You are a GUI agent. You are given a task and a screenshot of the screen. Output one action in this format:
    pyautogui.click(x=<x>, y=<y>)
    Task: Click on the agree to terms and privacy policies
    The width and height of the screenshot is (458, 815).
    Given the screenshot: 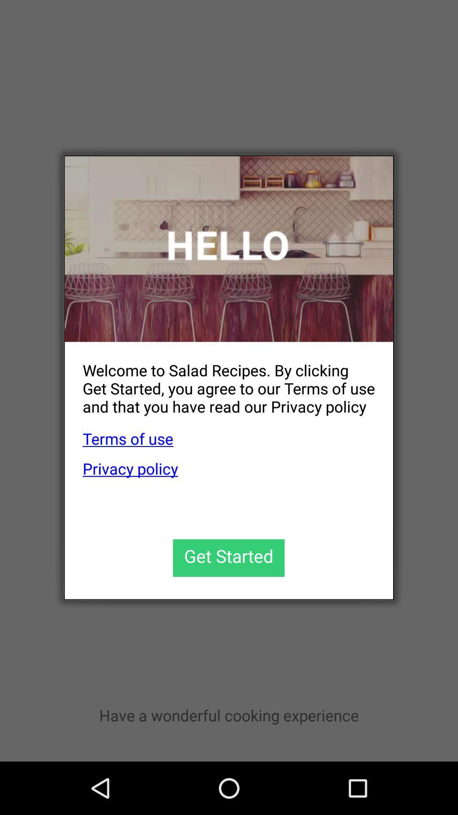 What is the action you would take?
    pyautogui.click(x=228, y=558)
    